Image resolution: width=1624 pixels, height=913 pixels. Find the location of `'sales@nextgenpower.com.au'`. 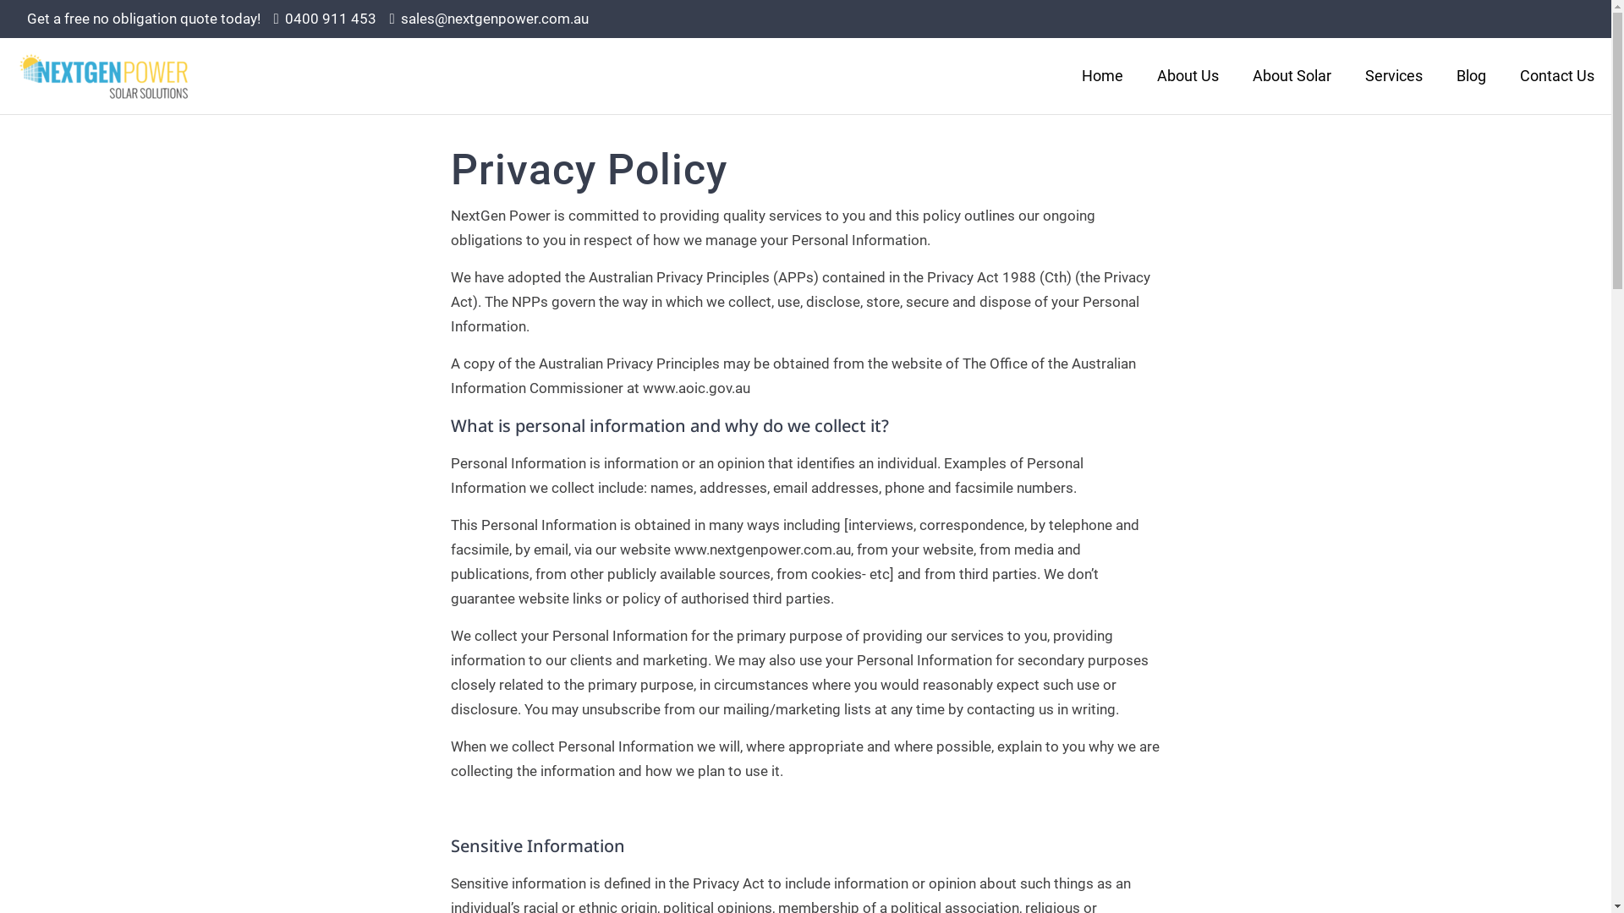

'sales@nextgenpower.com.au' is located at coordinates (494, 19).